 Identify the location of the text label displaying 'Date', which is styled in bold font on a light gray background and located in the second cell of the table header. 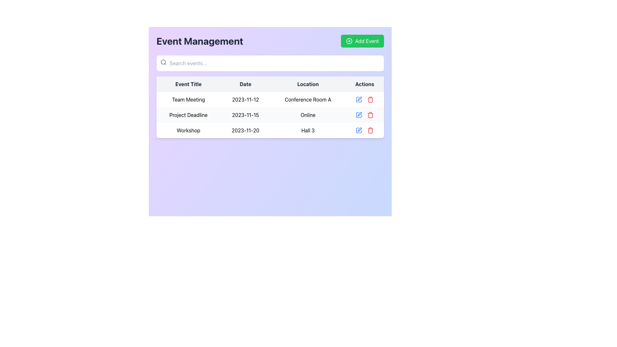
(245, 84).